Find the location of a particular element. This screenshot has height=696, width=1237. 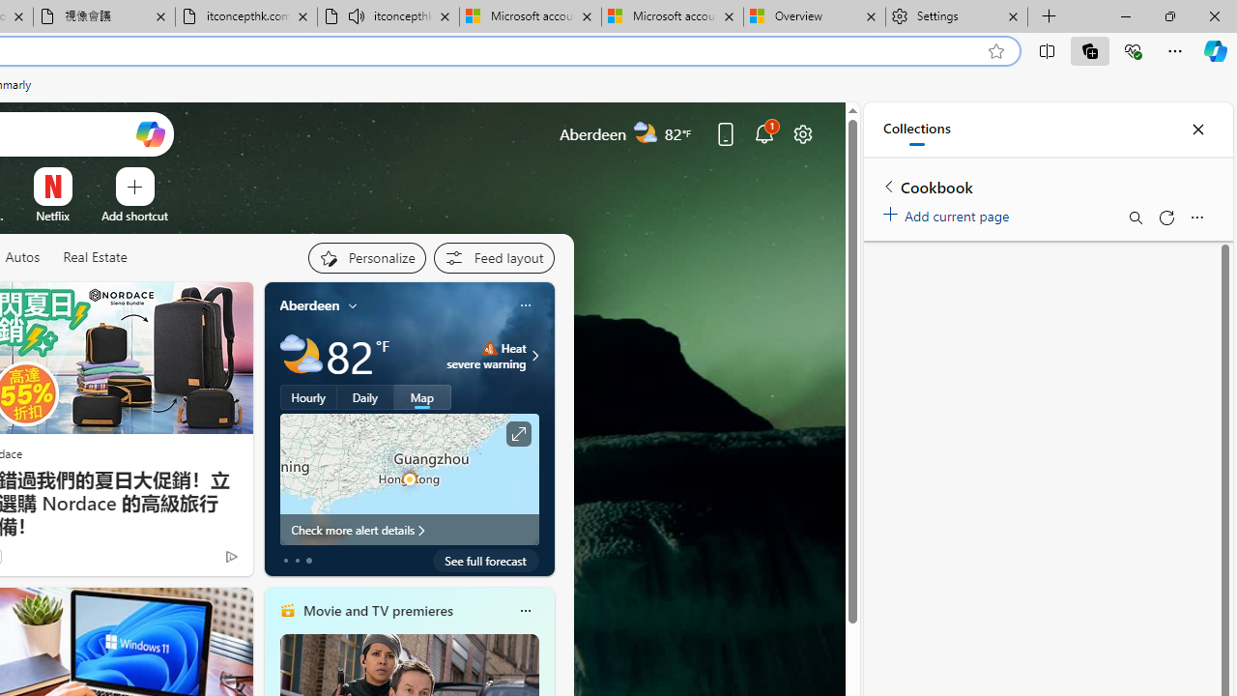

'Class: icon-img' is located at coordinates (525, 611).